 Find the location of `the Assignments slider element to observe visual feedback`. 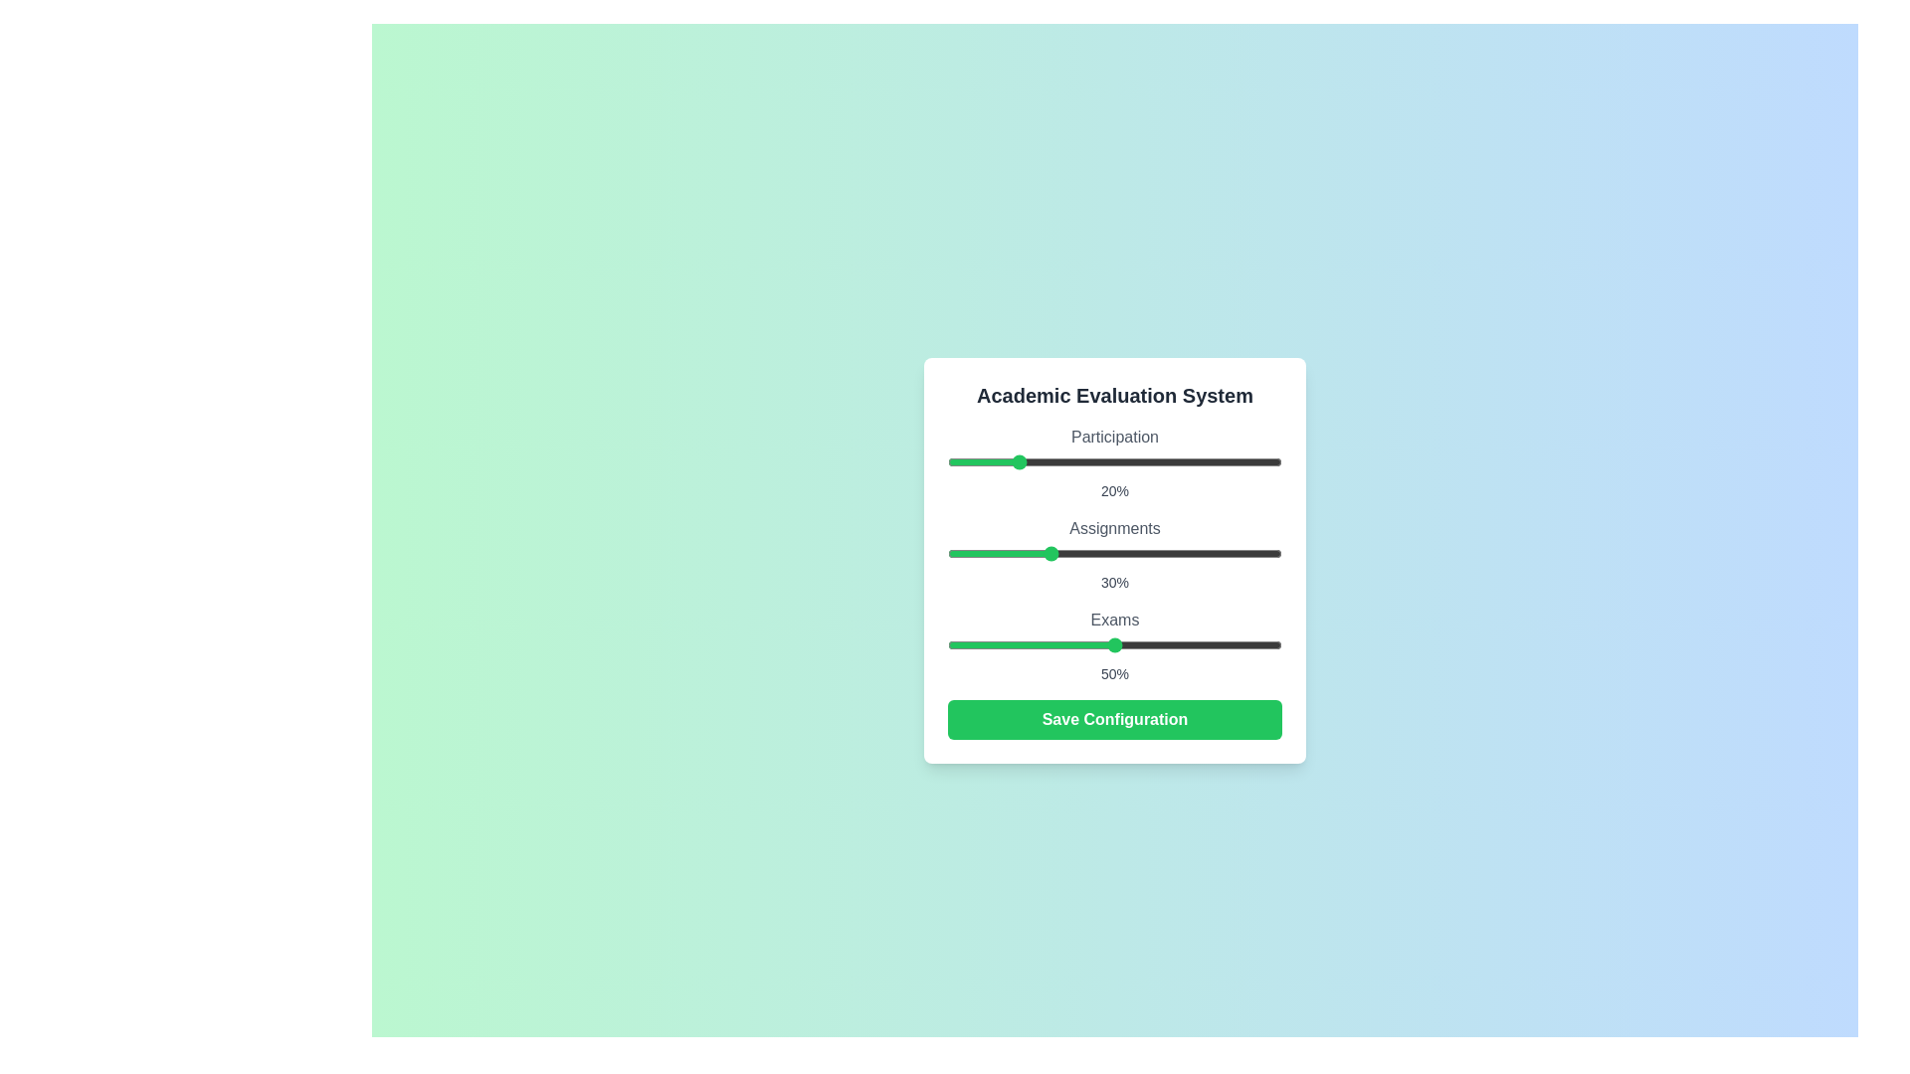

the Assignments slider element to observe visual feedback is located at coordinates (1115, 553).